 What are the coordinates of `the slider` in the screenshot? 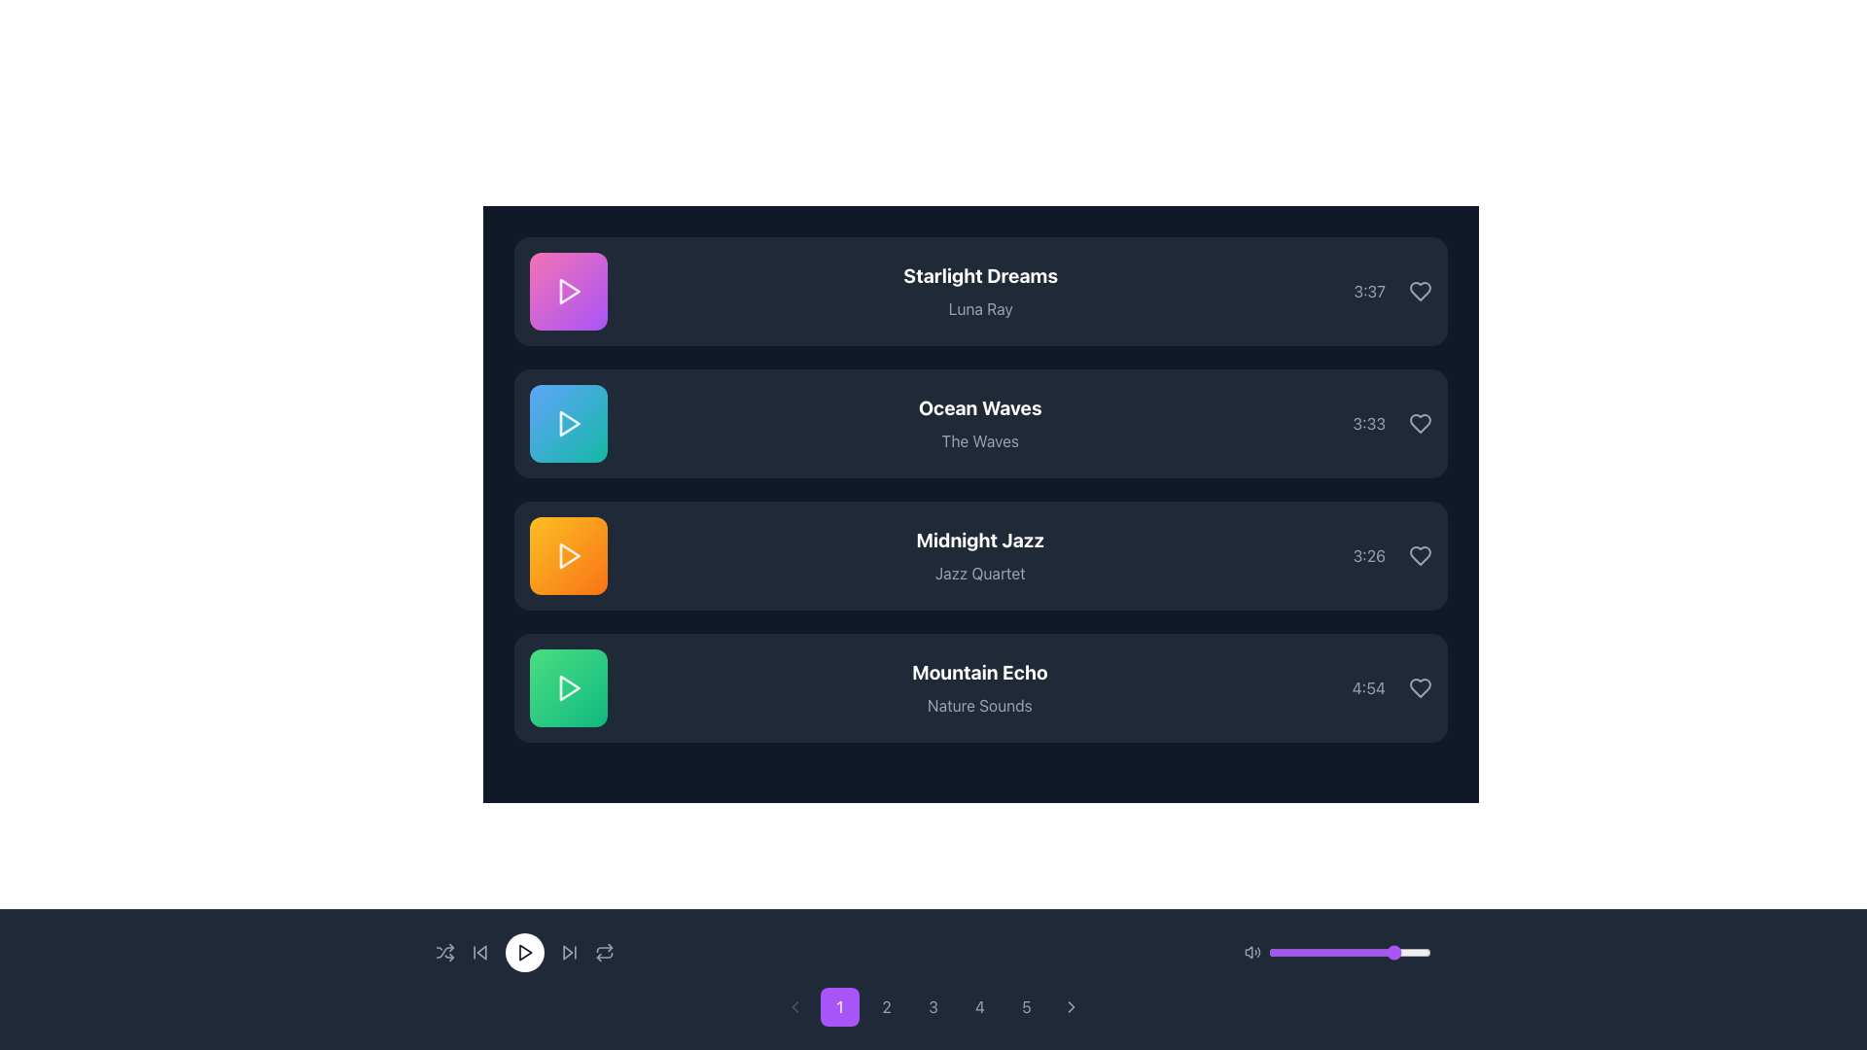 It's located at (1408, 951).